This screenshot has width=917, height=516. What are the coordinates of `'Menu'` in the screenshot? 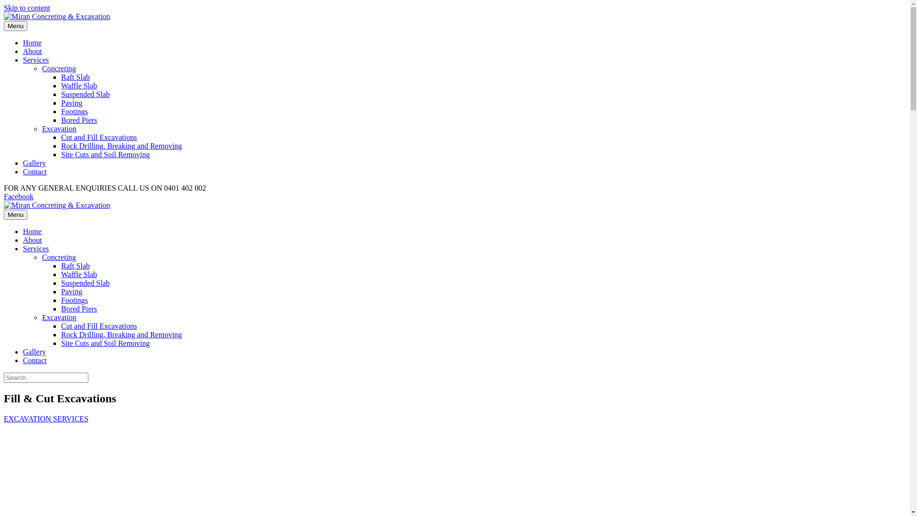 It's located at (15, 214).